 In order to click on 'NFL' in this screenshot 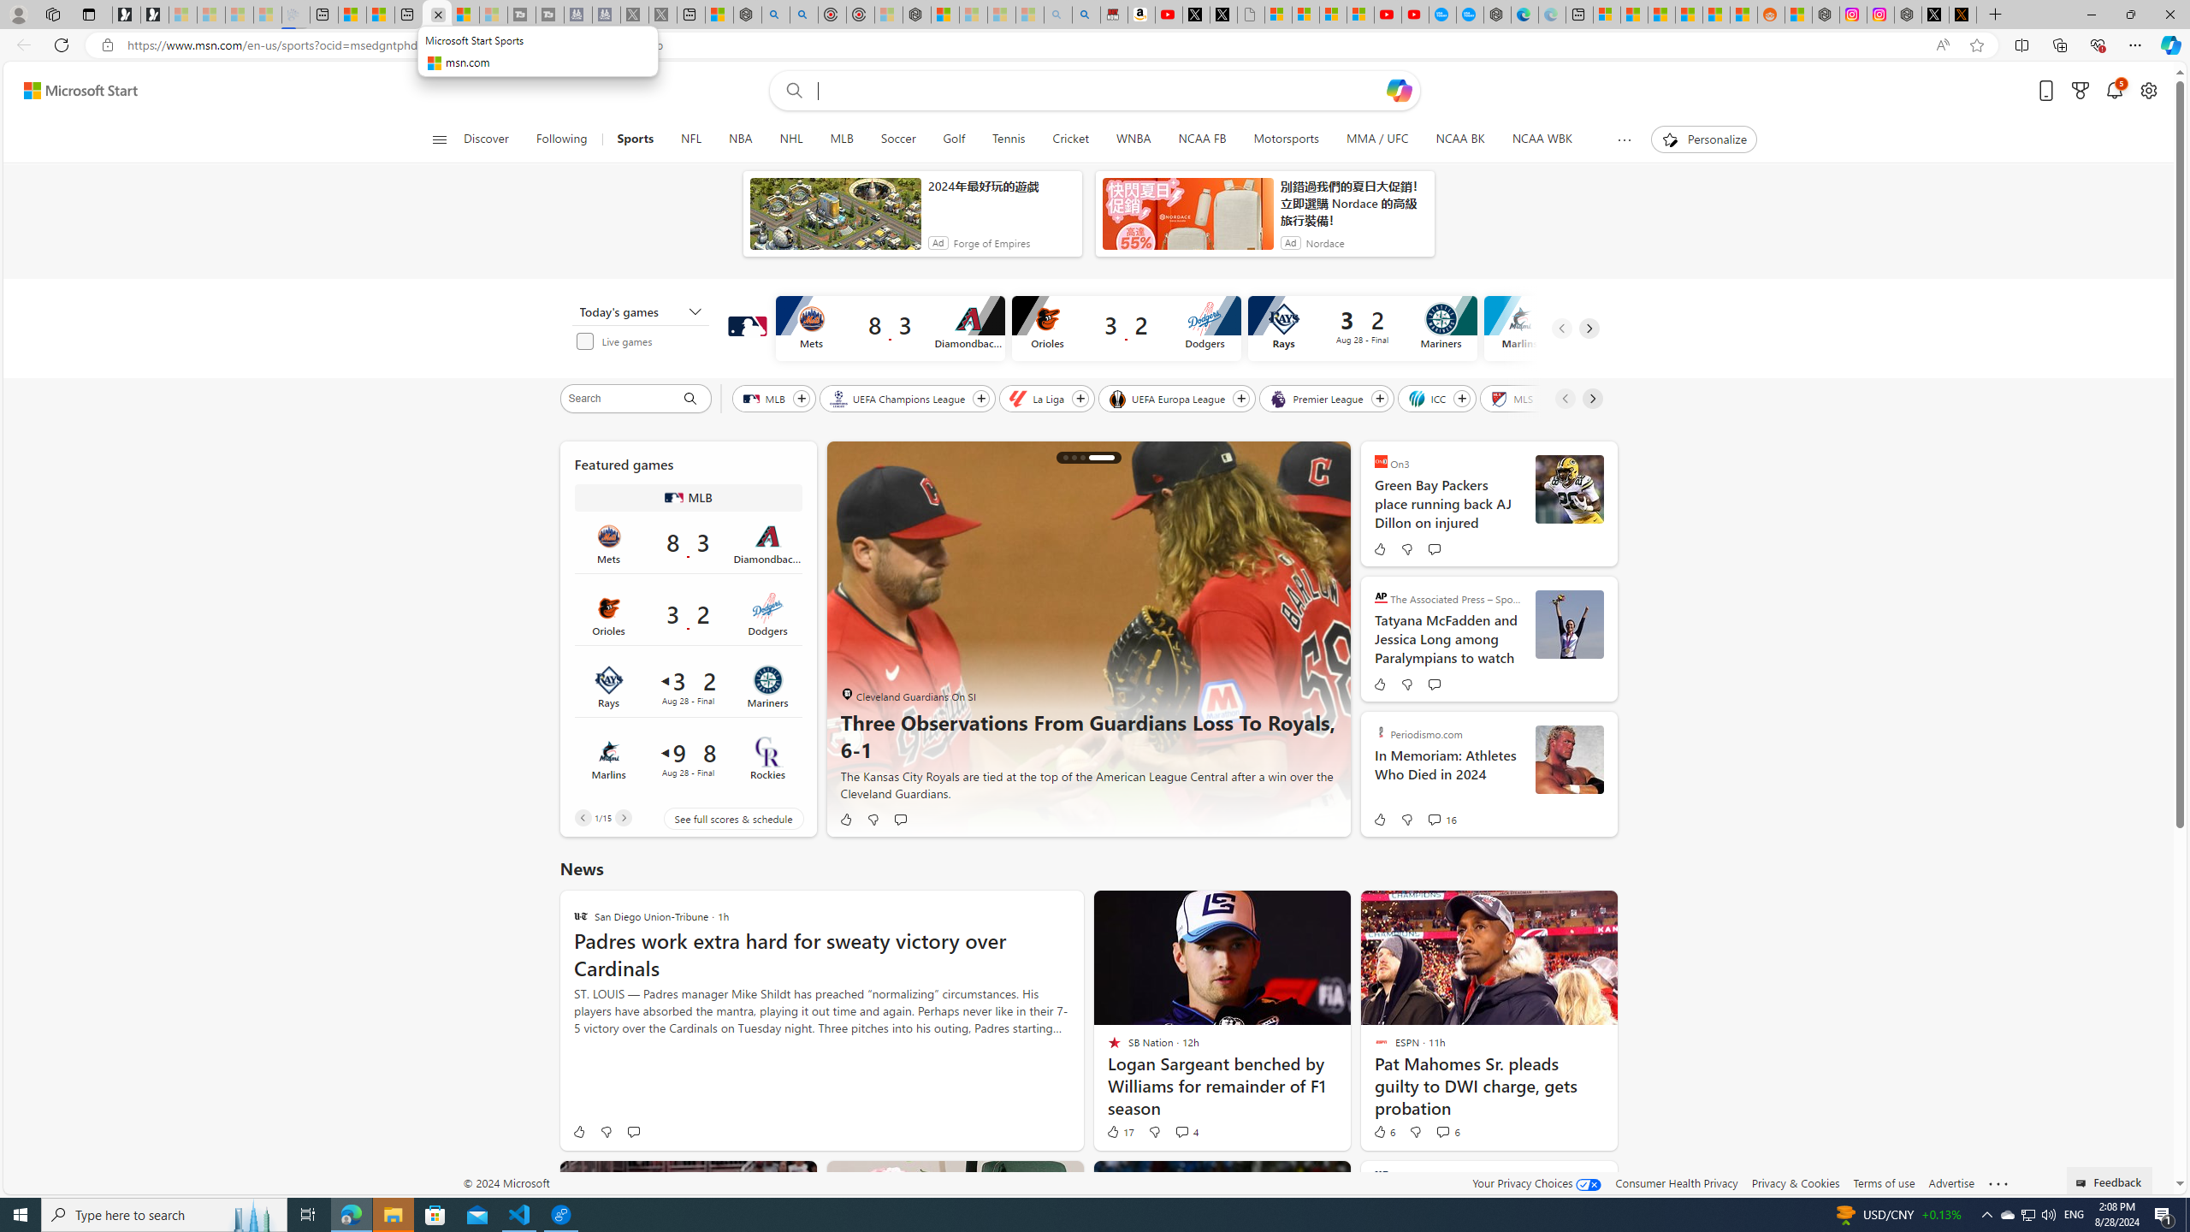, I will do `click(690, 139)`.